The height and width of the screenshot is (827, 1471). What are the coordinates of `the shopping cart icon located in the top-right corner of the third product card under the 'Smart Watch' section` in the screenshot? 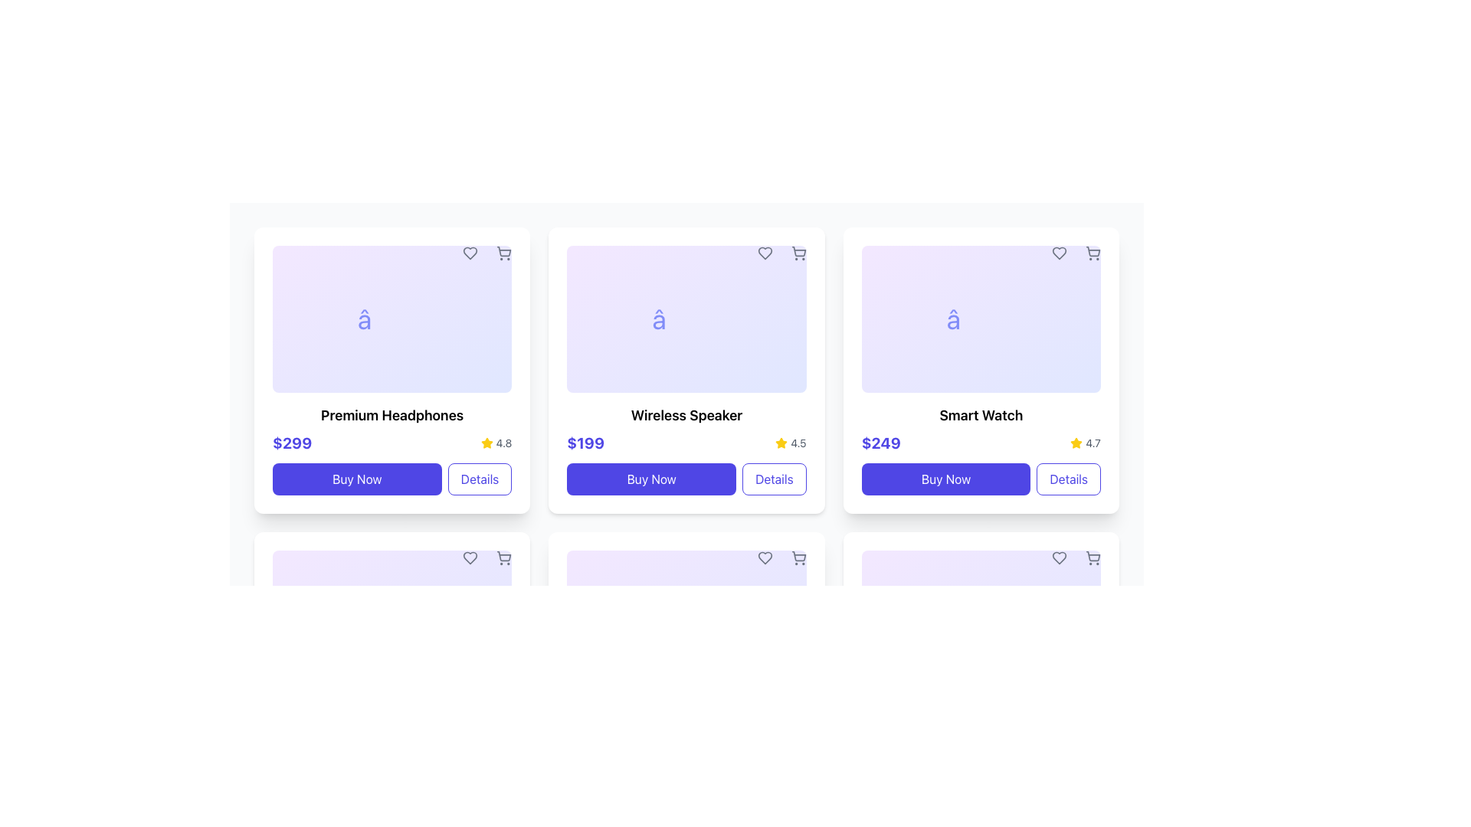 It's located at (1092, 558).